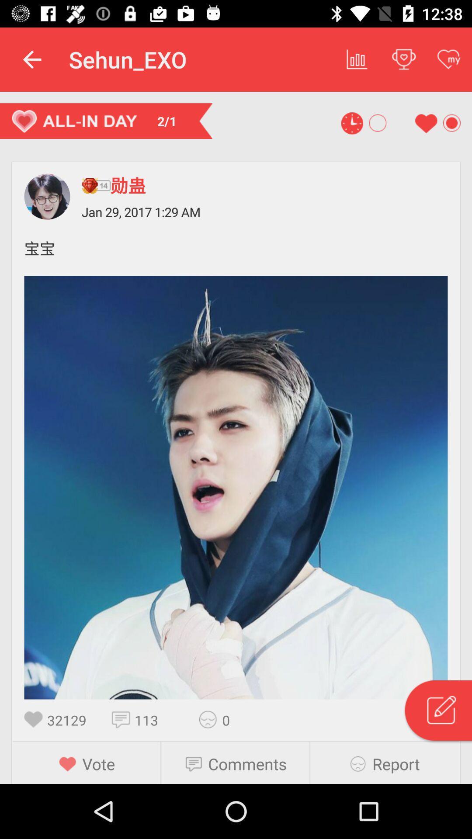  Describe the element at coordinates (47, 196) in the screenshot. I see `shows profile option` at that location.